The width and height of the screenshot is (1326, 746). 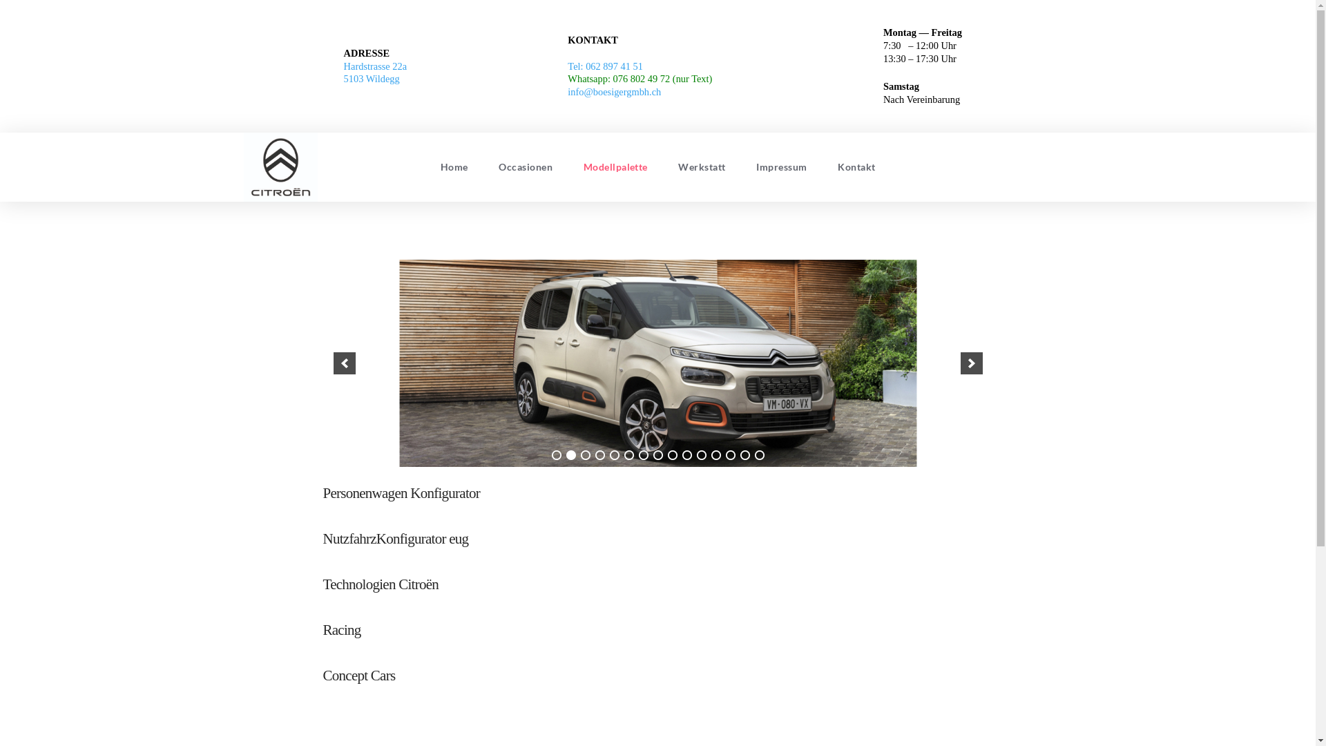 I want to click on 'Concept Cars', so click(x=359, y=675).